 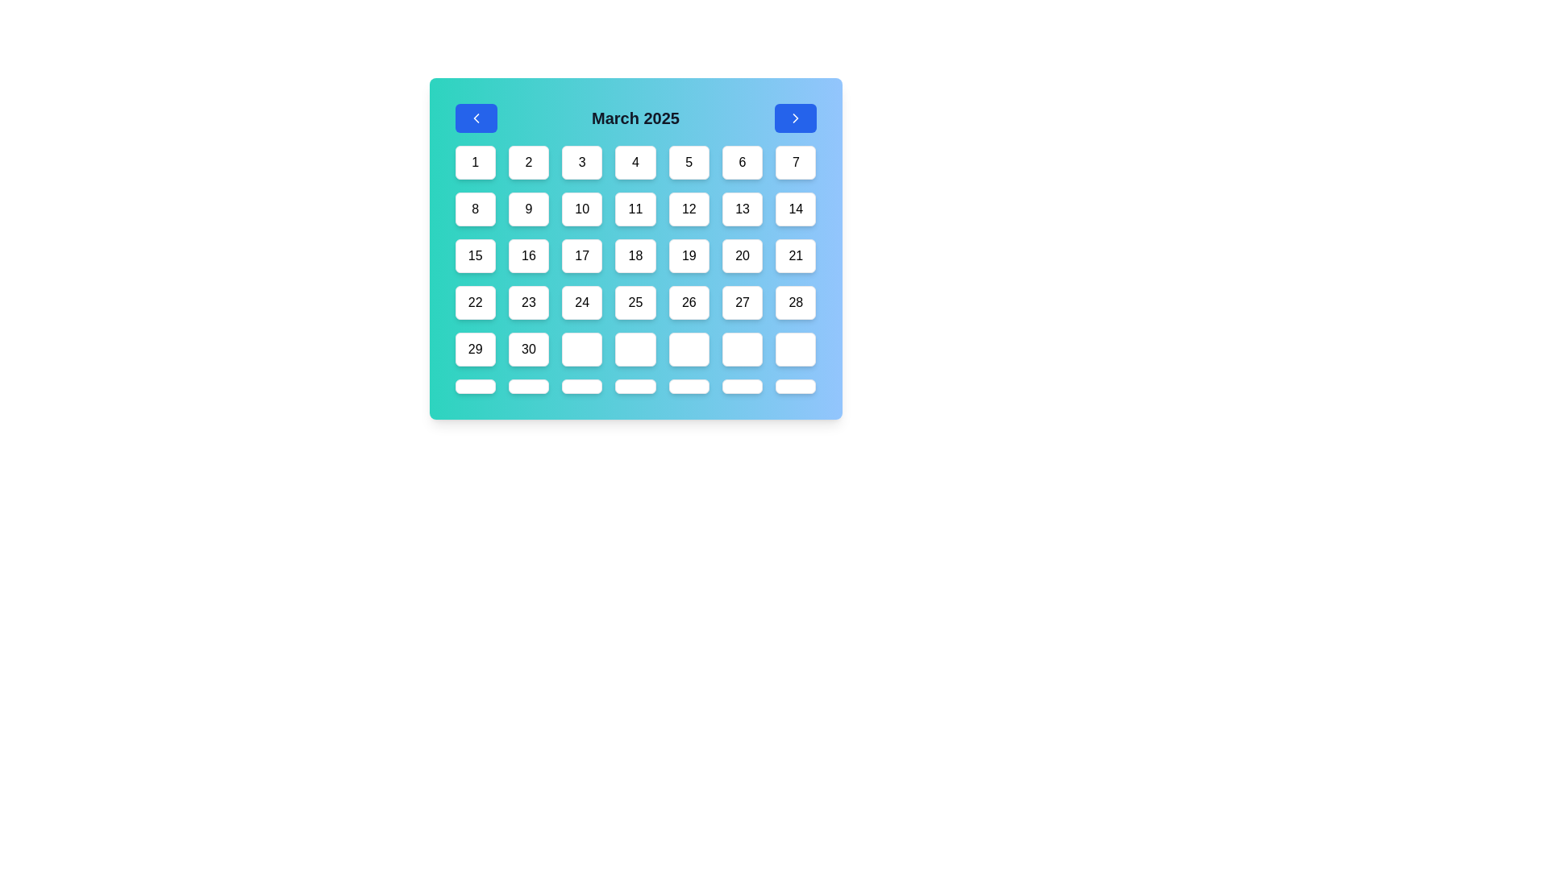 I want to click on the empty grid cell located in the bottom-right corner of a 7-column grid, which is the seventh tile in the sixth row, so click(x=796, y=349).